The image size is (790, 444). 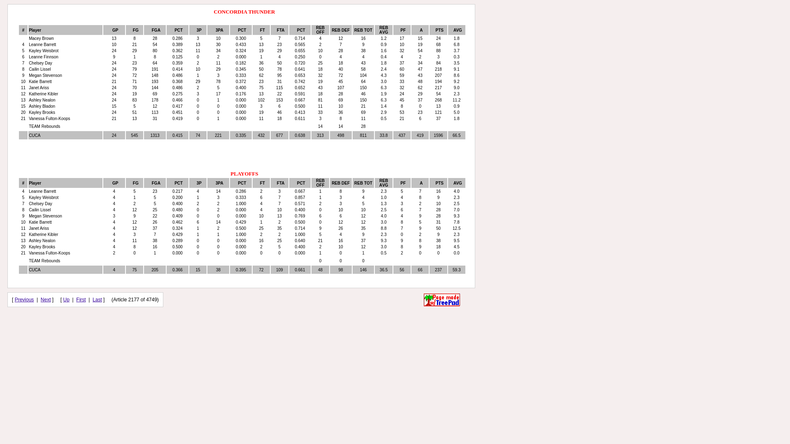 I want to click on 'Next', so click(x=45, y=300).